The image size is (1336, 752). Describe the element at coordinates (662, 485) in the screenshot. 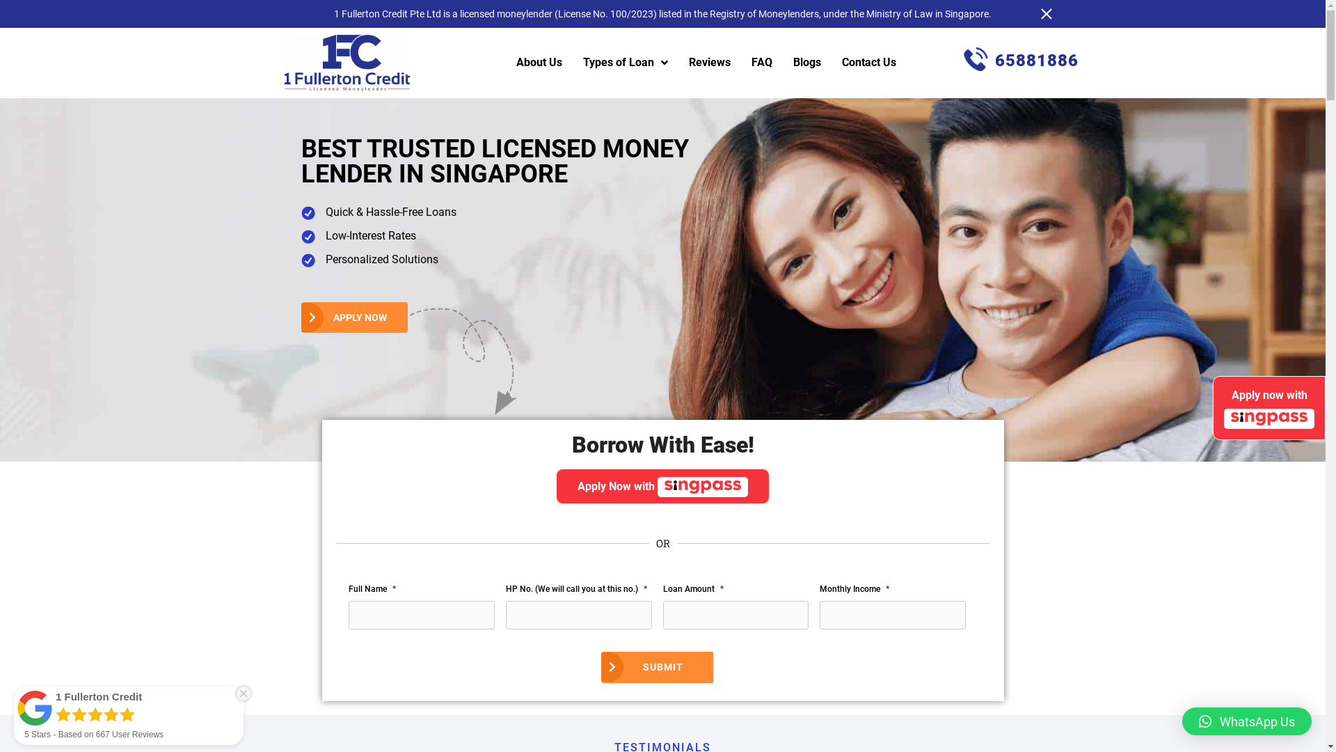

I see `'Apply Now with'` at that location.